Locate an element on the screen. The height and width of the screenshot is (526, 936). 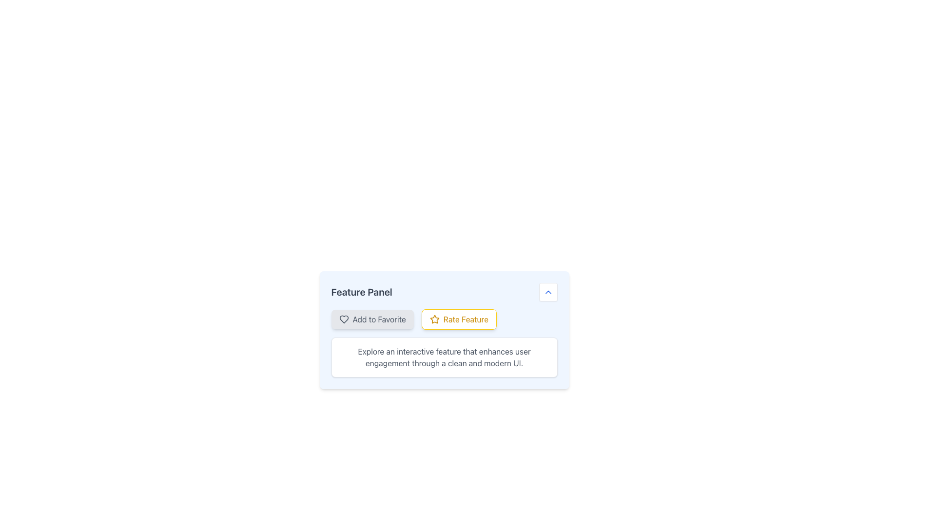
text displayed in the Informational Text Box, which contains the message: 'Explore an interactive feature that enhances user engagement through a clean and modern UI.' is located at coordinates (444, 357).